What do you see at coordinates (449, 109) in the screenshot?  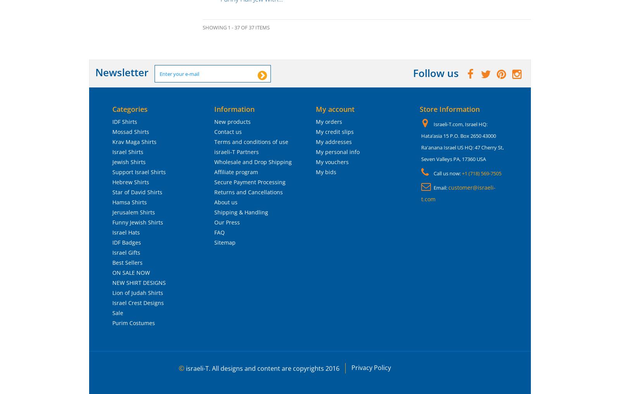 I see `'Store Information'` at bounding box center [449, 109].